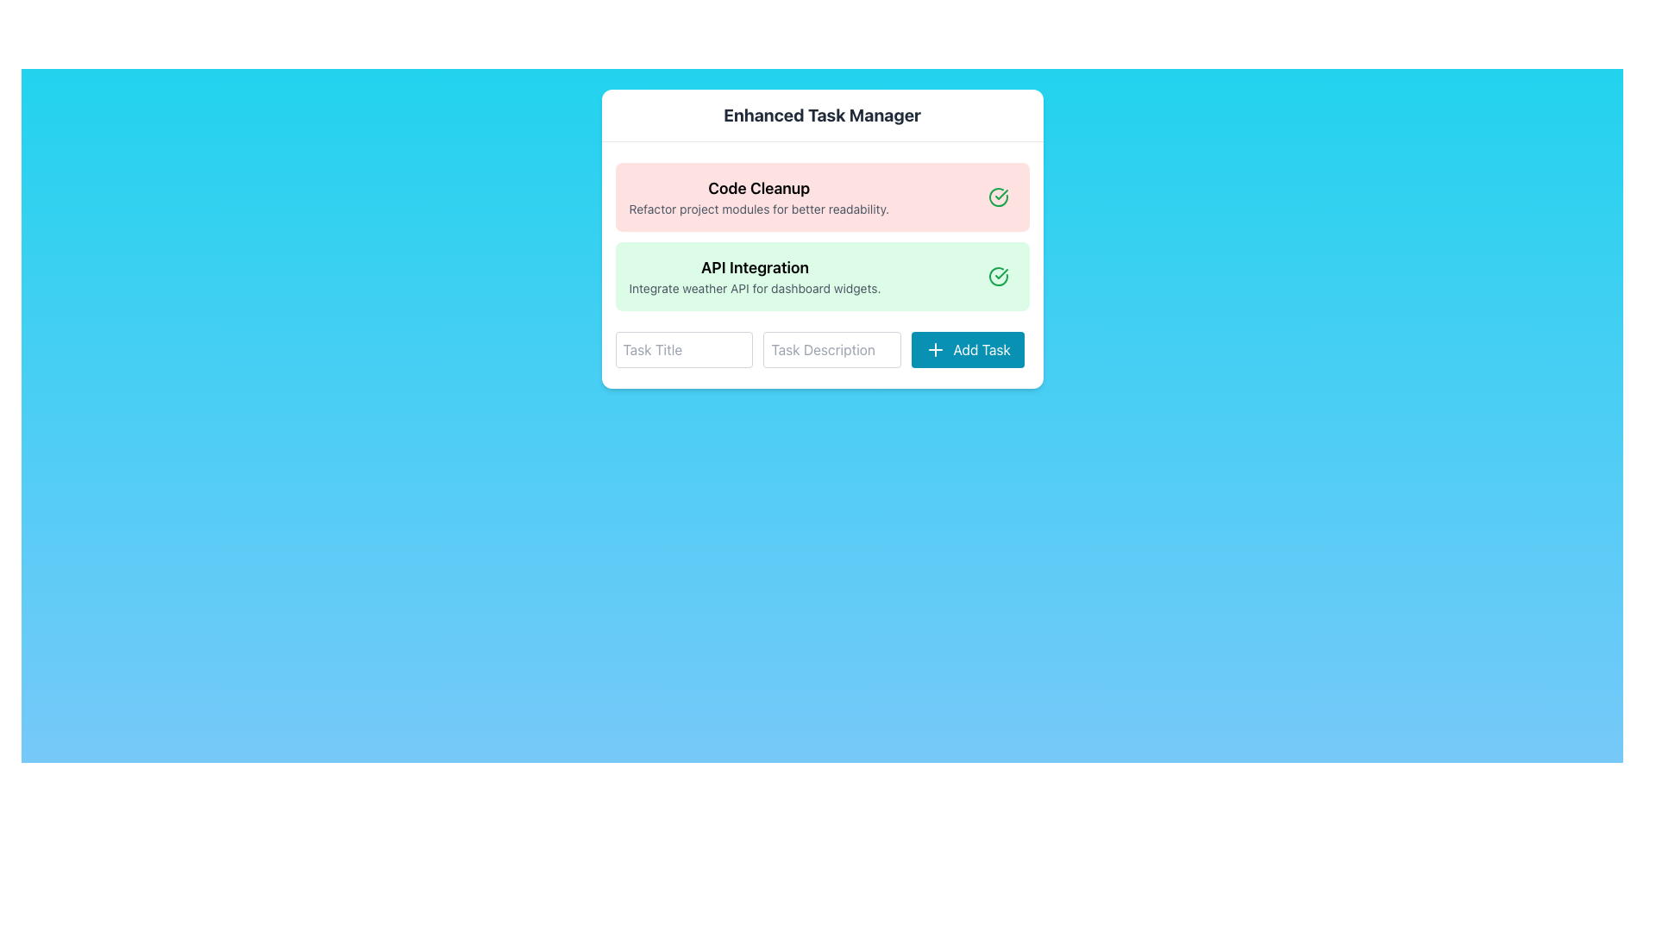 Image resolution: width=1656 pixels, height=931 pixels. Describe the element at coordinates (821, 349) in the screenshot. I see `the text input field used for entering the description of a task to focus on it` at that location.